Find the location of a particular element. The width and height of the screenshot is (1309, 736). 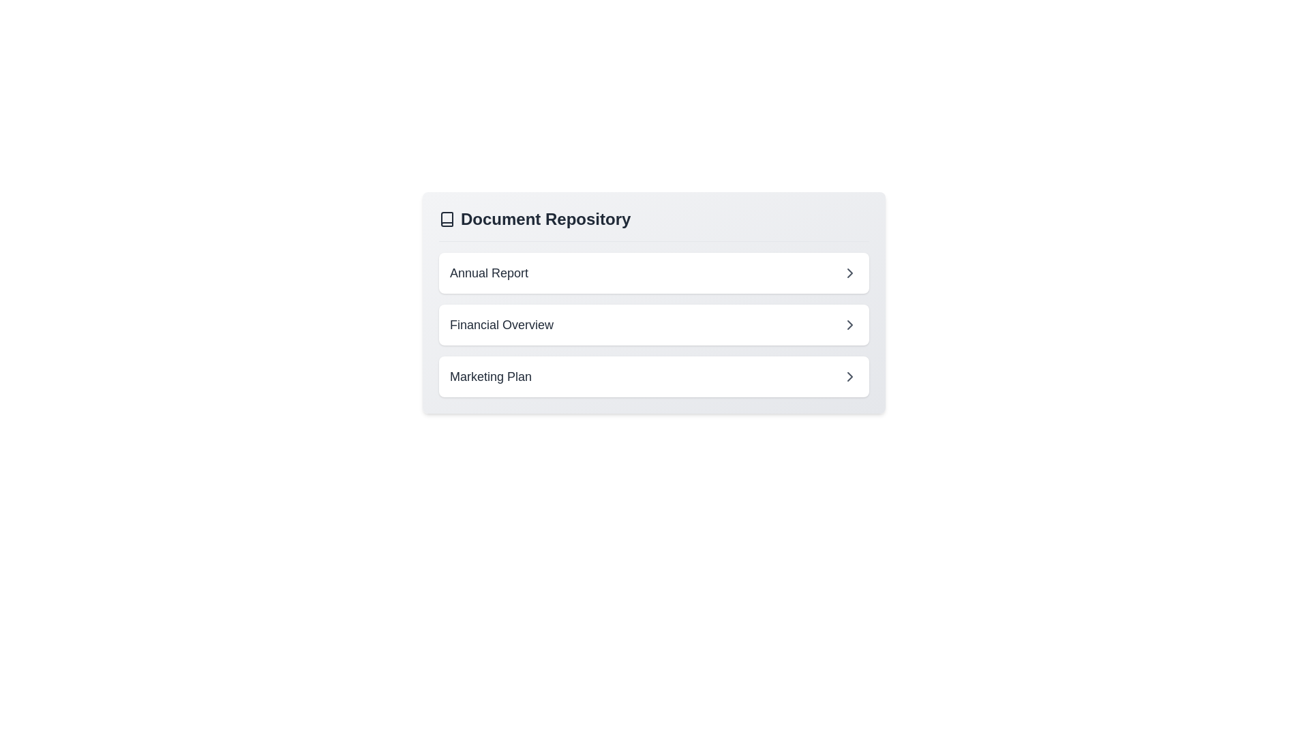

the third navigational list item in the 'Document Repository' category is located at coordinates (653, 376).